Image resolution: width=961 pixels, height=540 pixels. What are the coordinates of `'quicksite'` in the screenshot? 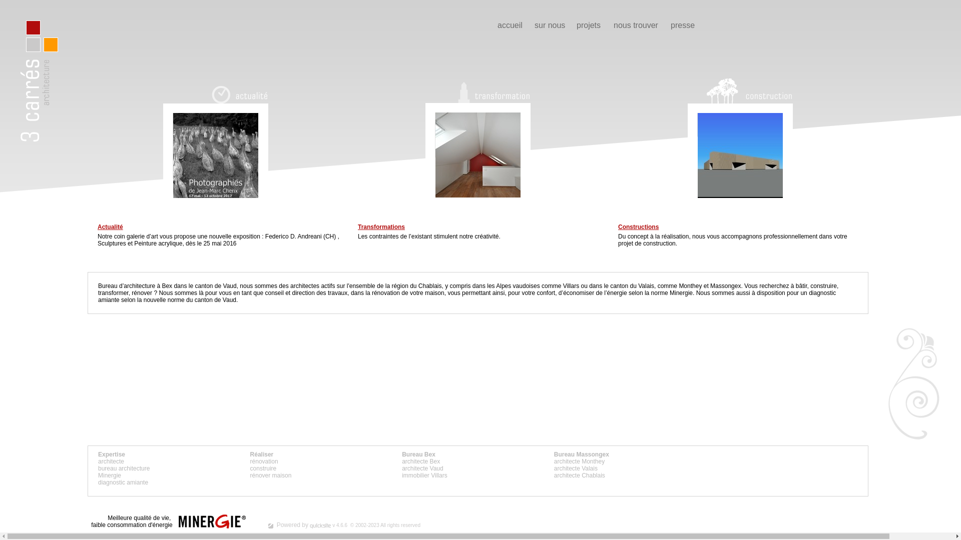 It's located at (319, 525).